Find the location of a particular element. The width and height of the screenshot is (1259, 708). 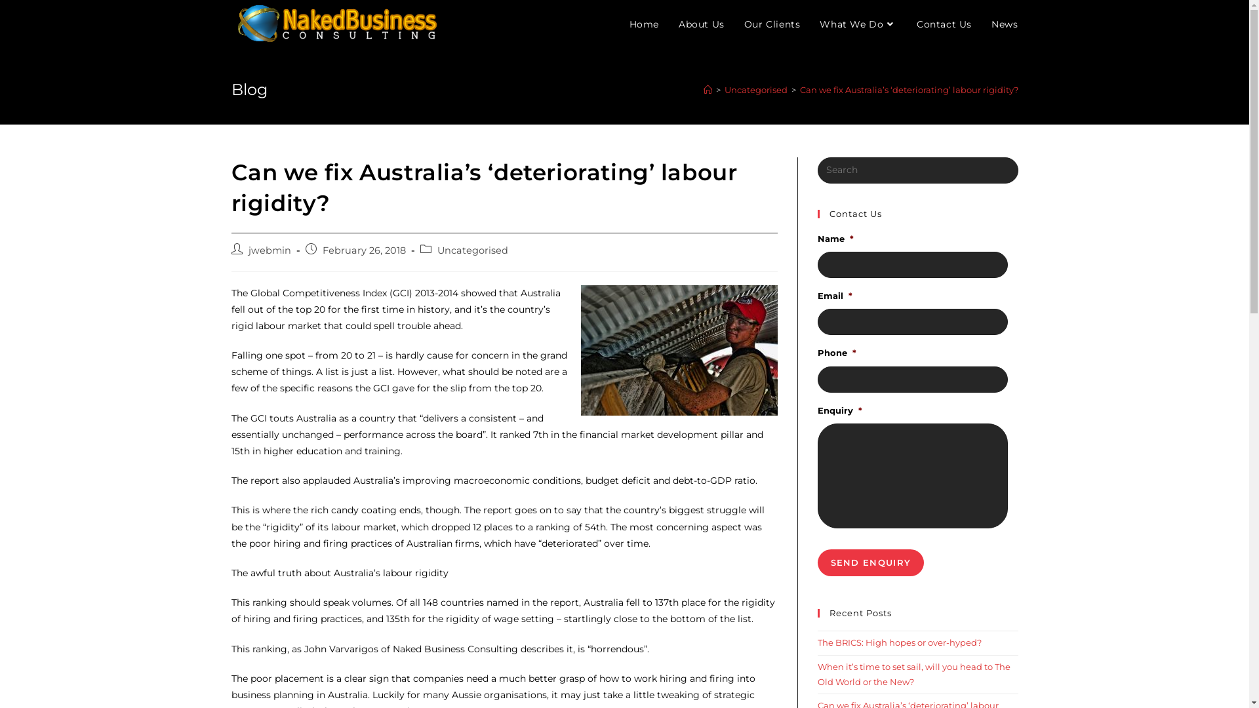

'jwebmin' is located at coordinates (268, 250).